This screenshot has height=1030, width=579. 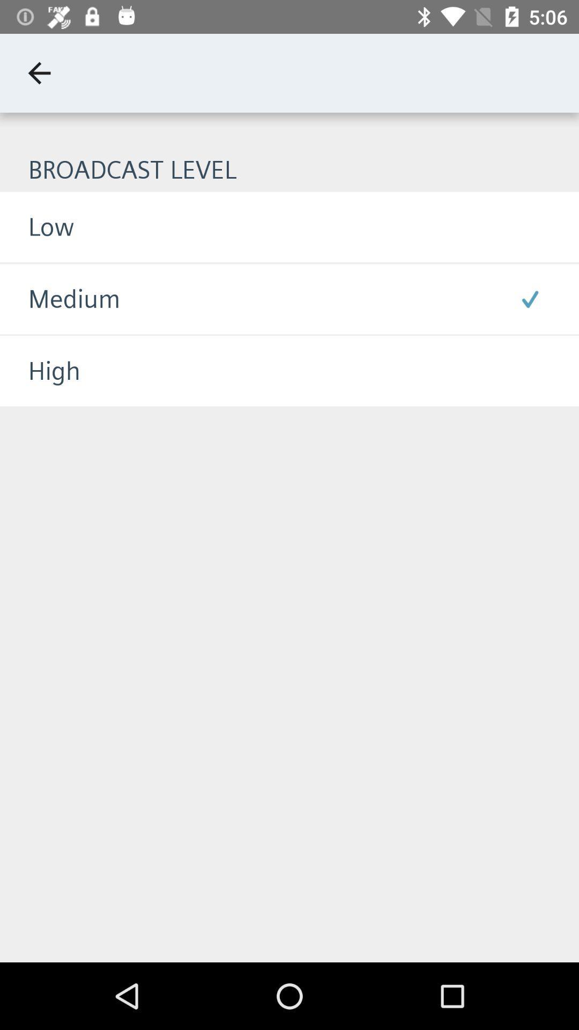 I want to click on the low item, so click(x=36, y=226).